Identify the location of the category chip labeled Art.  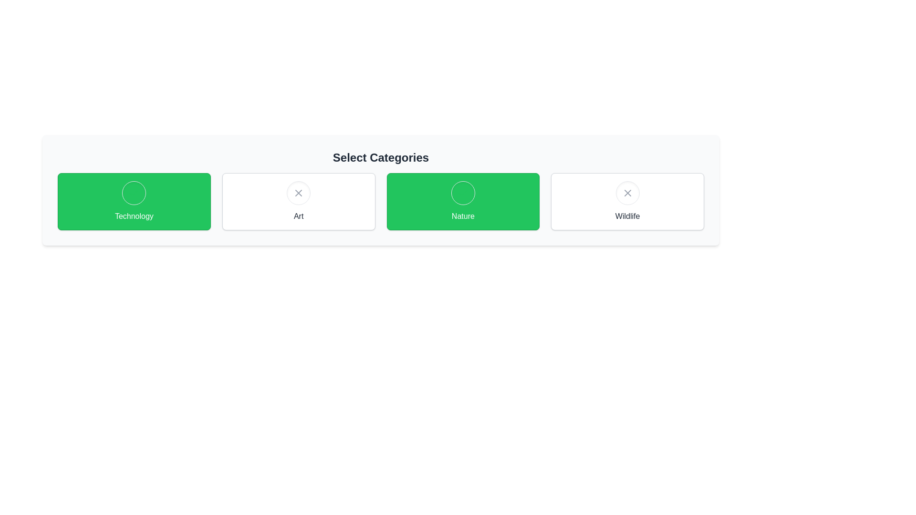
(298, 201).